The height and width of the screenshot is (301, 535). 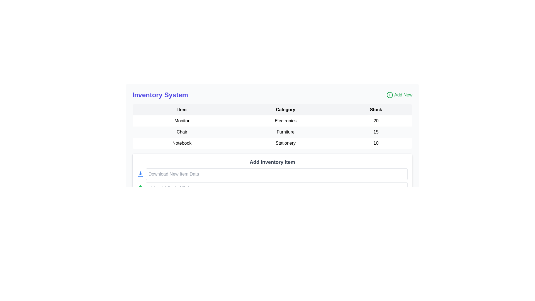 I want to click on stock quantity information displayed for the inventory item 'Notebook' in the 'Stationery' category, located in the last row of the table in the 'Stock' column, so click(x=376, y=143).